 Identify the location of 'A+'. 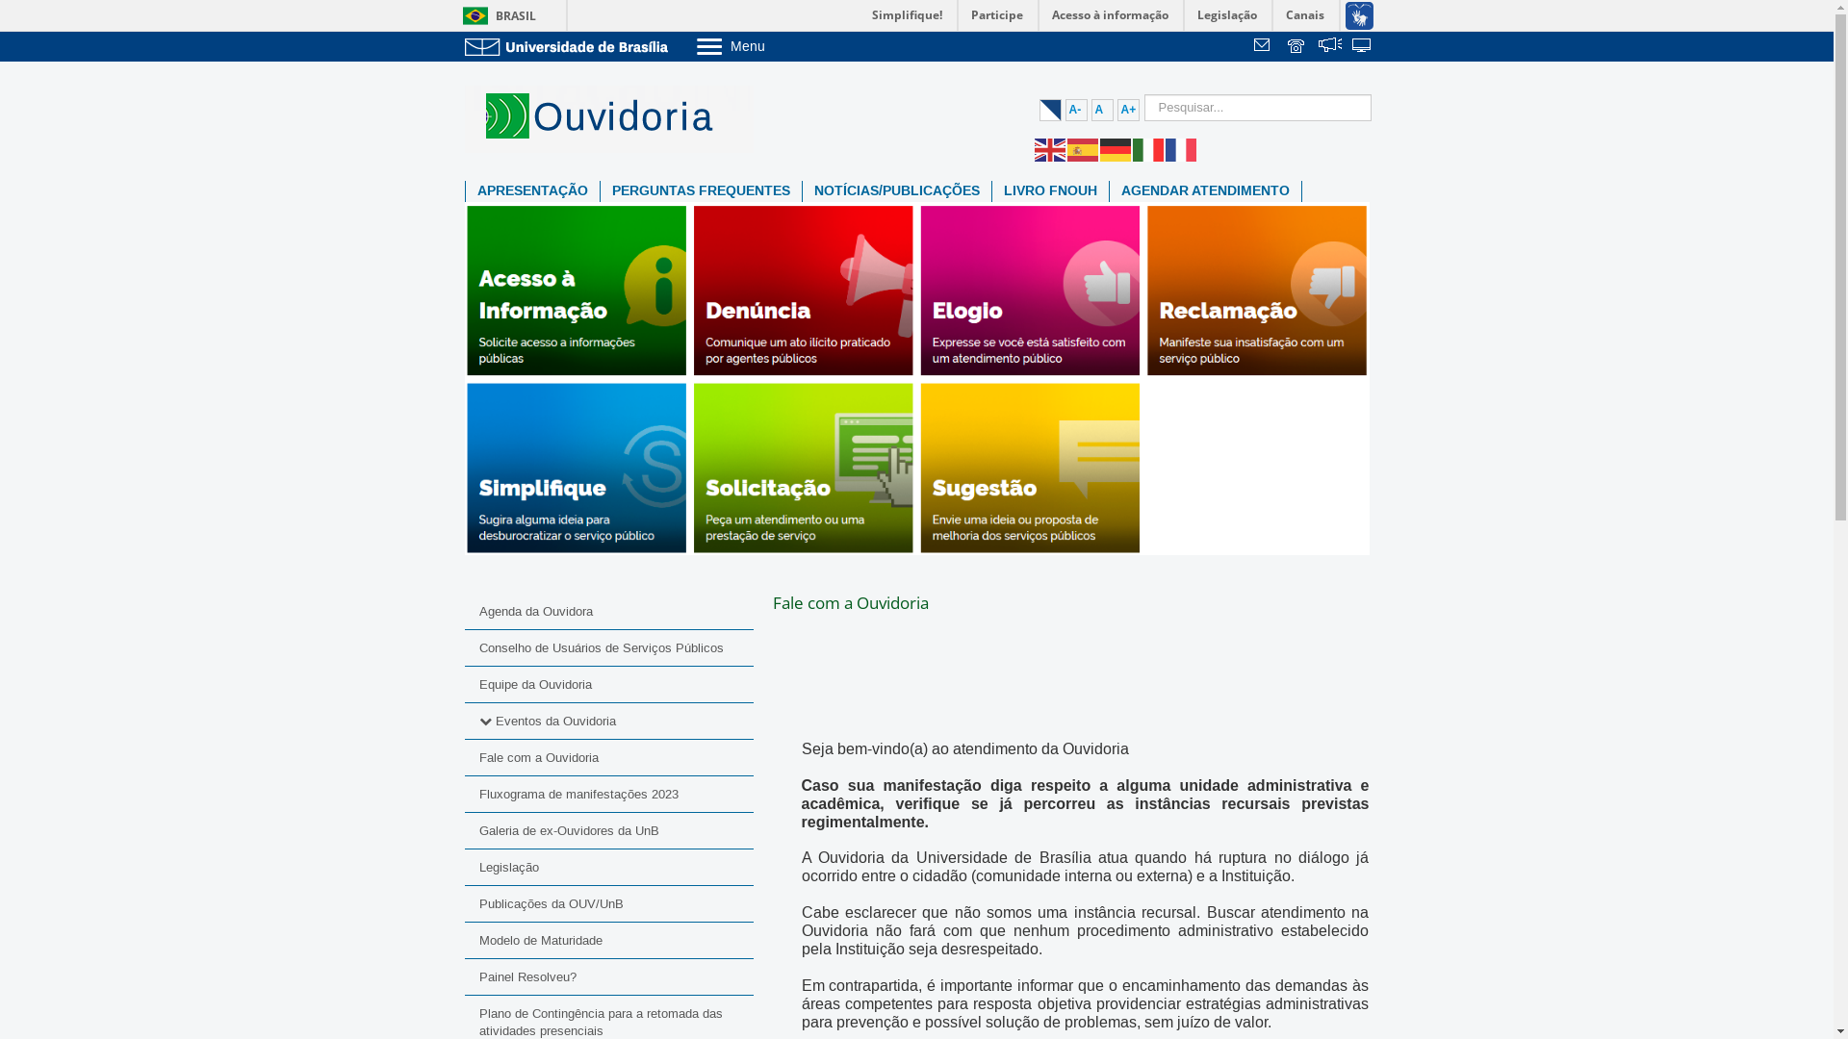
(1116, 110).